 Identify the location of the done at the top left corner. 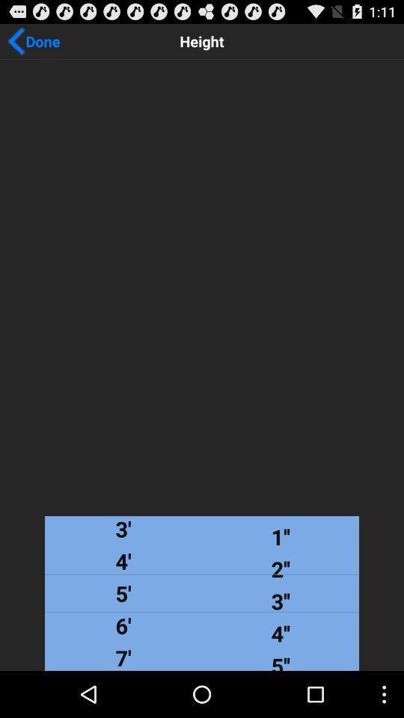
(33, 40).